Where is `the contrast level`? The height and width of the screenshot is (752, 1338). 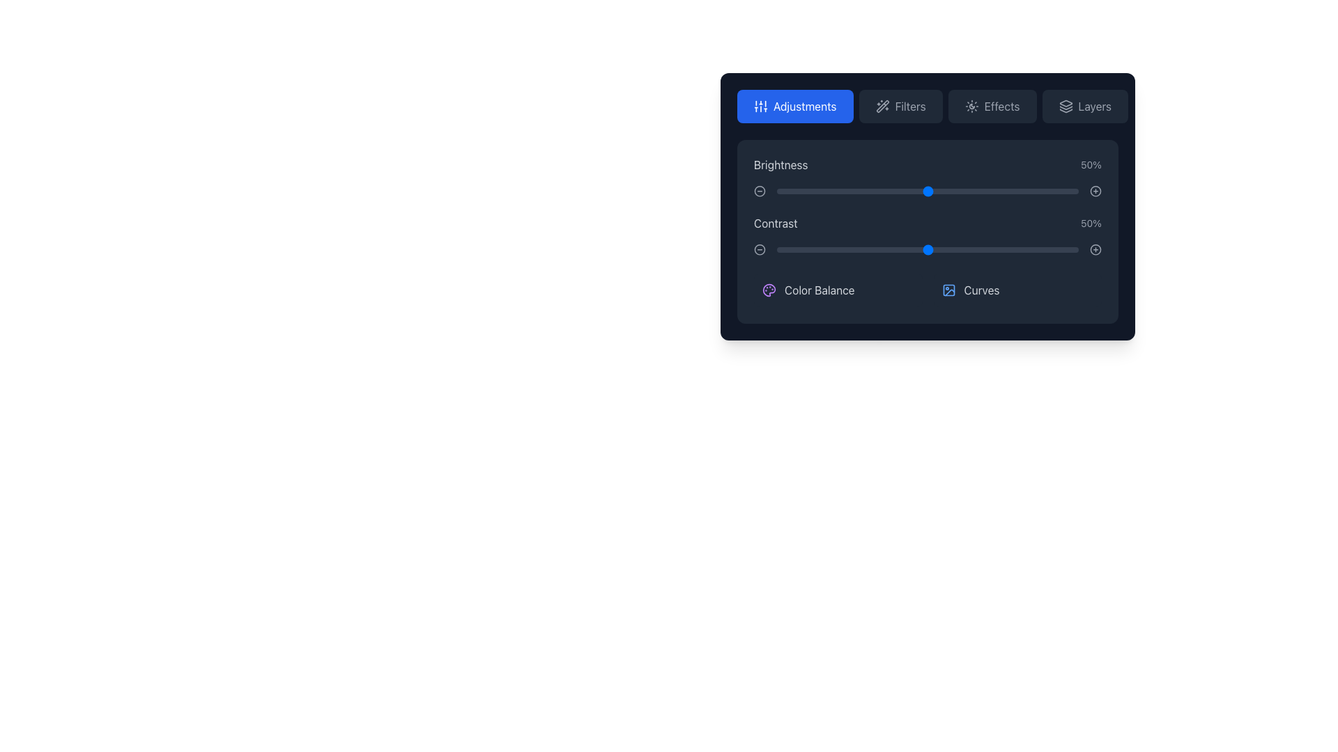
the contrast level is located at coordinates (909, 249).